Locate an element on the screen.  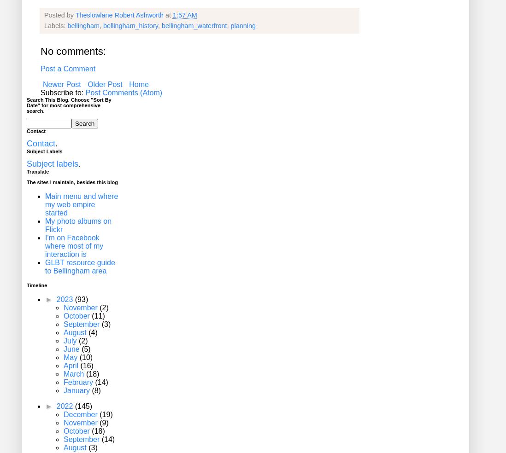
'My photo albums on Flickr' is located at coordinates (78, 225).